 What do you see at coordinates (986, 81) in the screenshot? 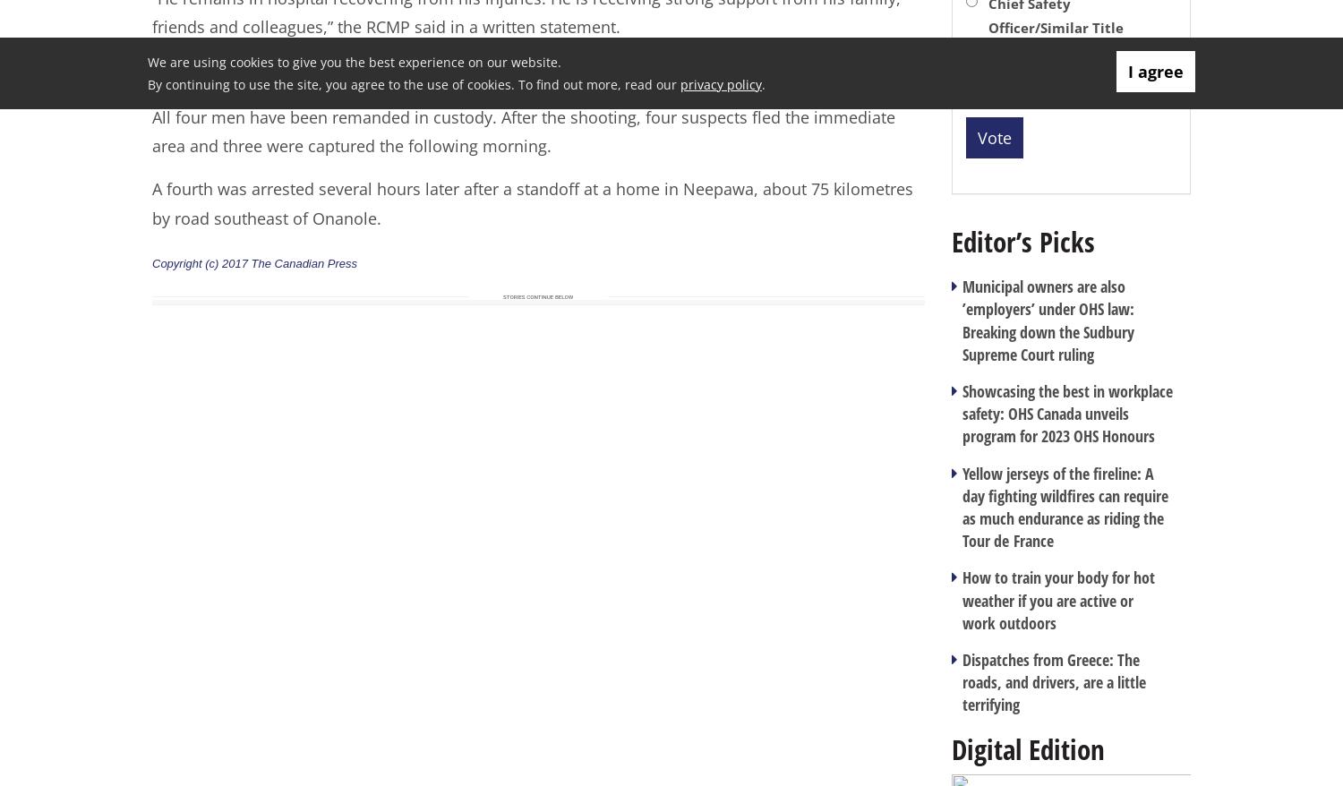
I see `'Other'` at bounding box center [986, 81].